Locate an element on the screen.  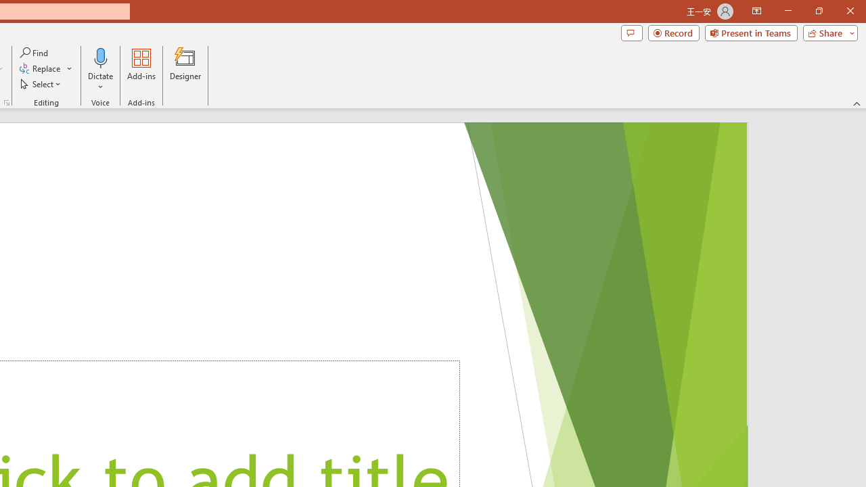
'Present in Teams' is located at coordinates (750, 32).